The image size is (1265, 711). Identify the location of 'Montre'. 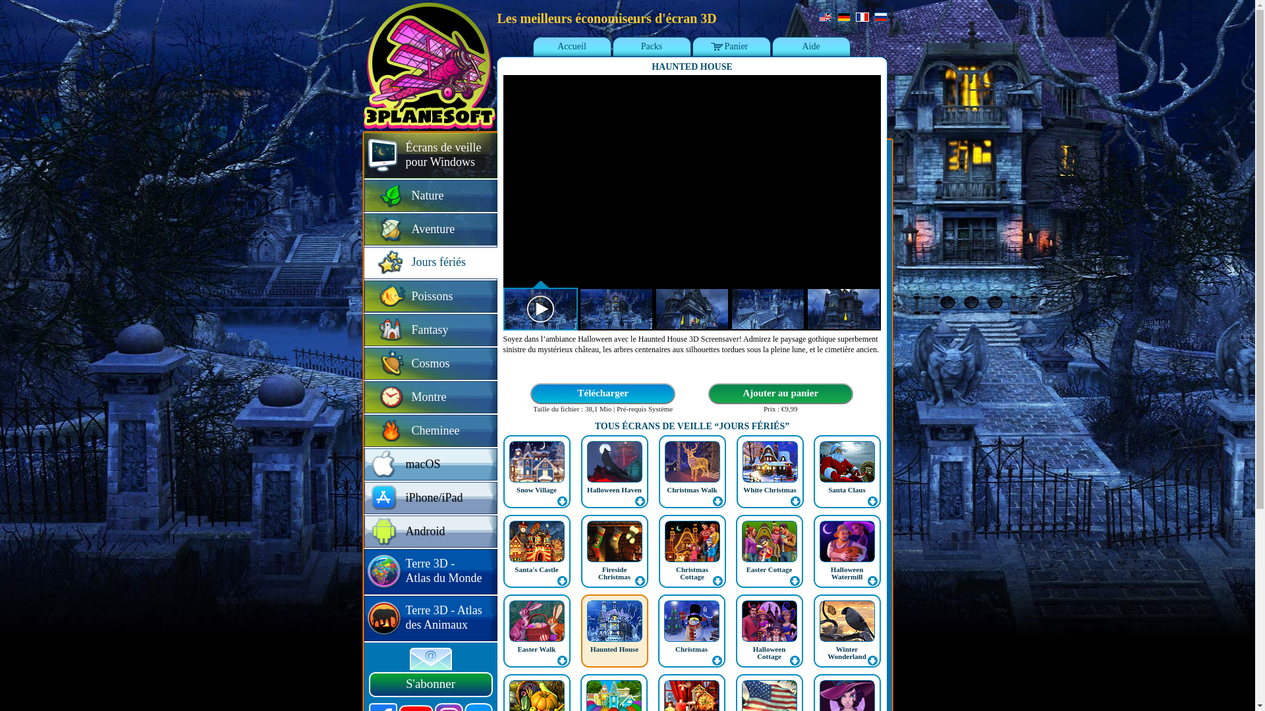
(430, 397).